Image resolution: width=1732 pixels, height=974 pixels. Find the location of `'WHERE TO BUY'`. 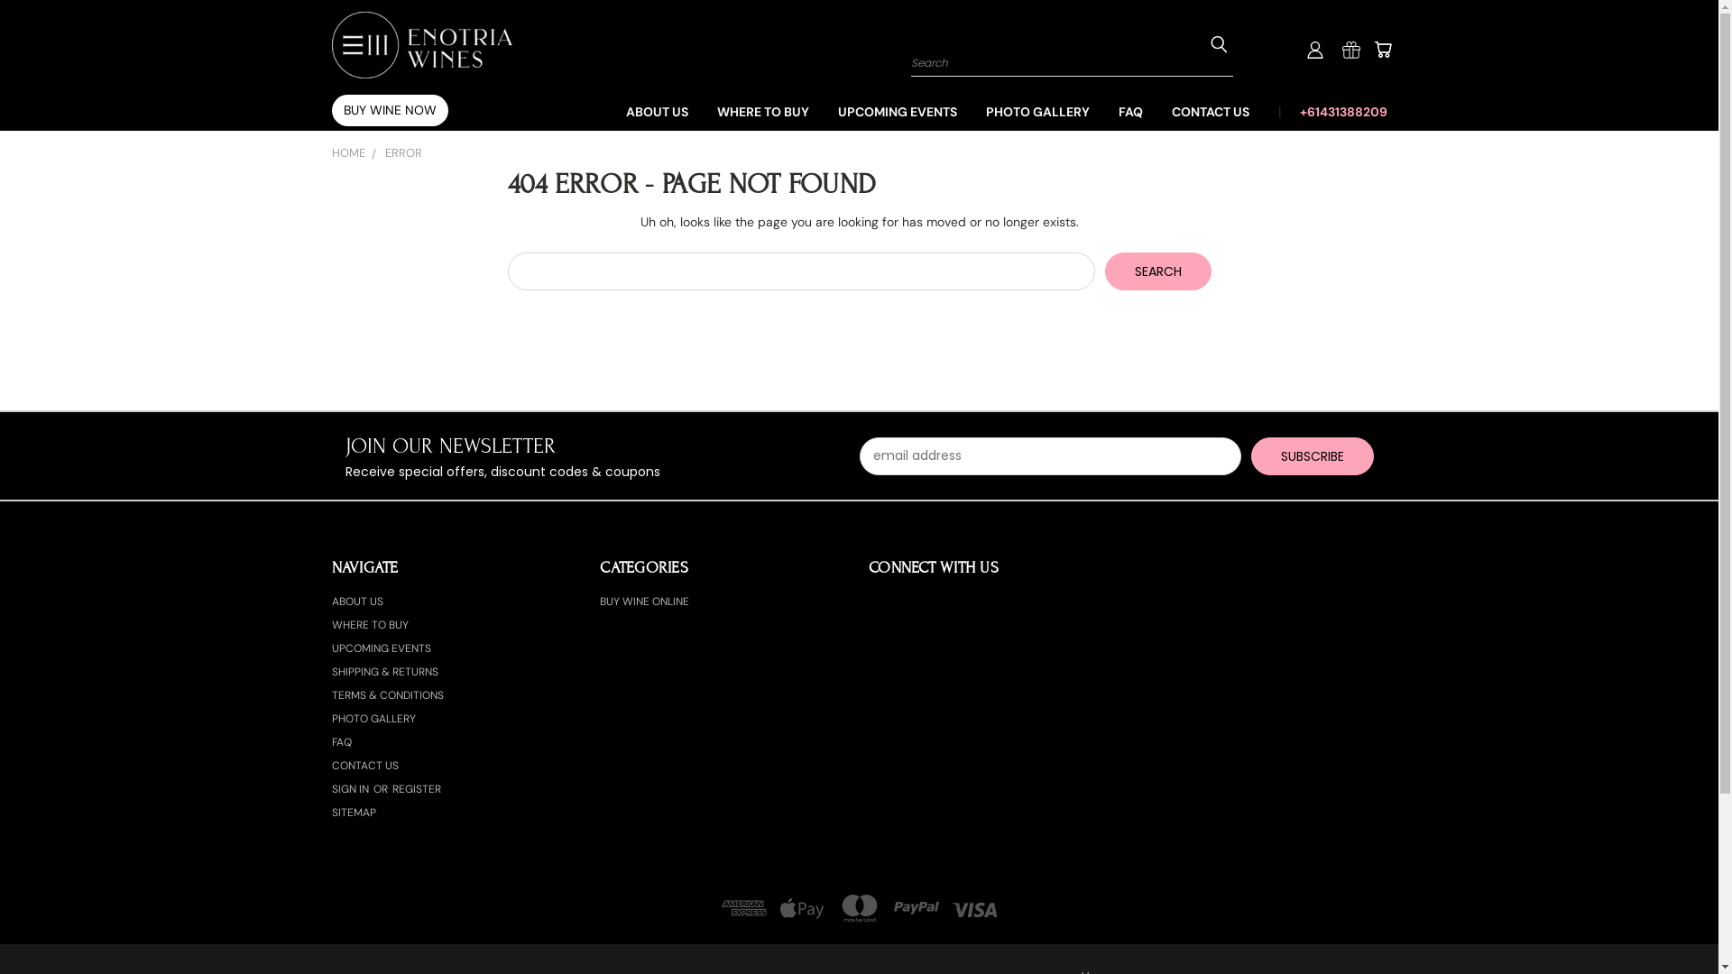

'WHERE TO BUY' is located at coordinates (369, 628).